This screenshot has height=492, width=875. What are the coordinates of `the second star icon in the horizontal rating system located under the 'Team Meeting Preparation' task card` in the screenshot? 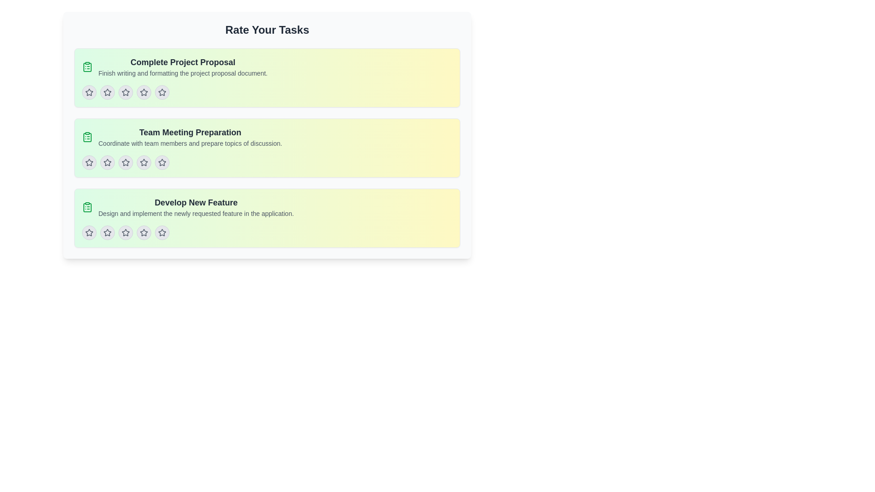 It's located at (125, 162).